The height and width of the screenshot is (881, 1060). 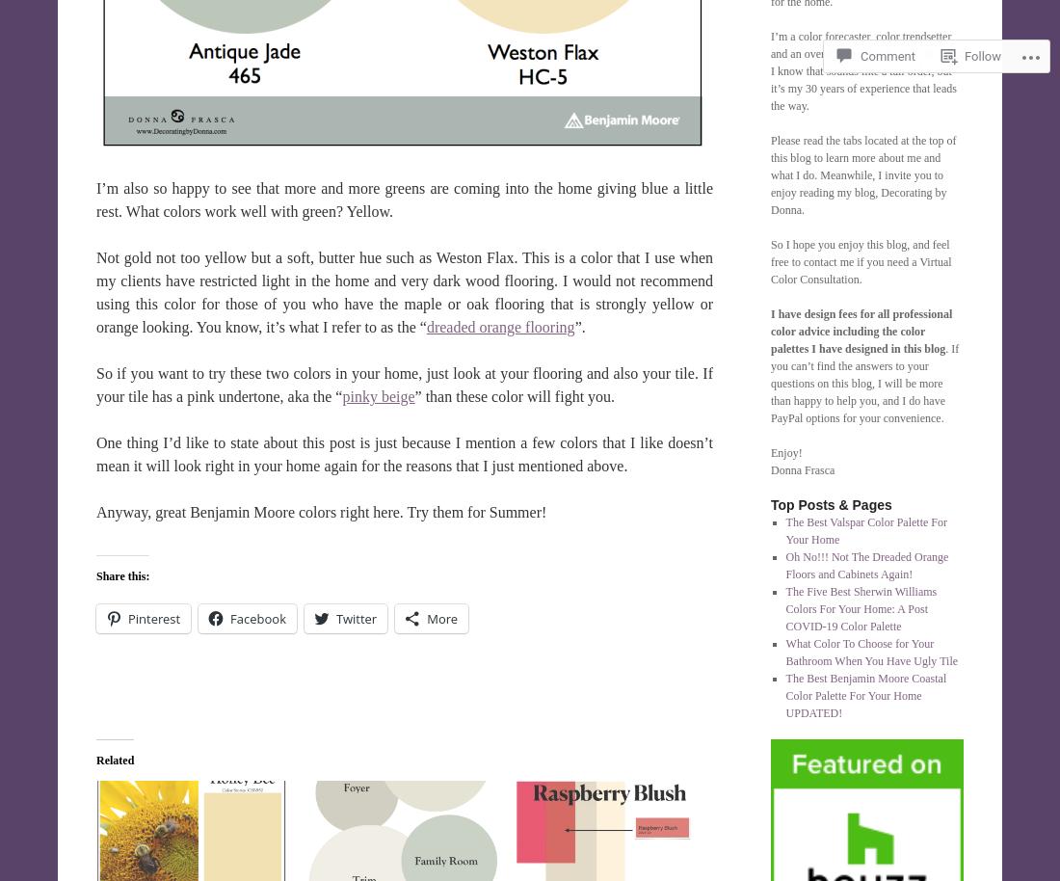 What do you see at coordinates (860, 331) in the screenshot?
I see `'I have design fees for all professional color advice including the color palettes I have designed in this blog'` at bounding box center [860, 331].